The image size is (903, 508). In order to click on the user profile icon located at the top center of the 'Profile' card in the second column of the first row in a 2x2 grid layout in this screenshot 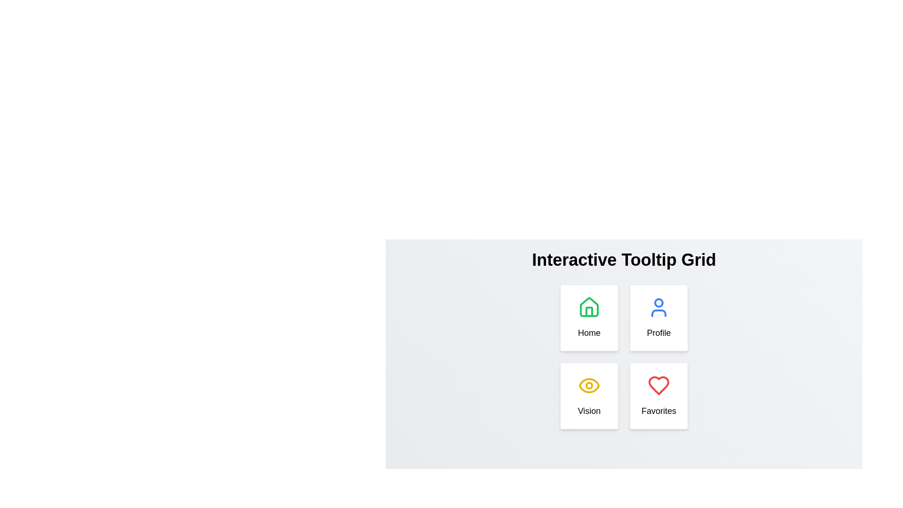, I will do `click(658, 308)`.